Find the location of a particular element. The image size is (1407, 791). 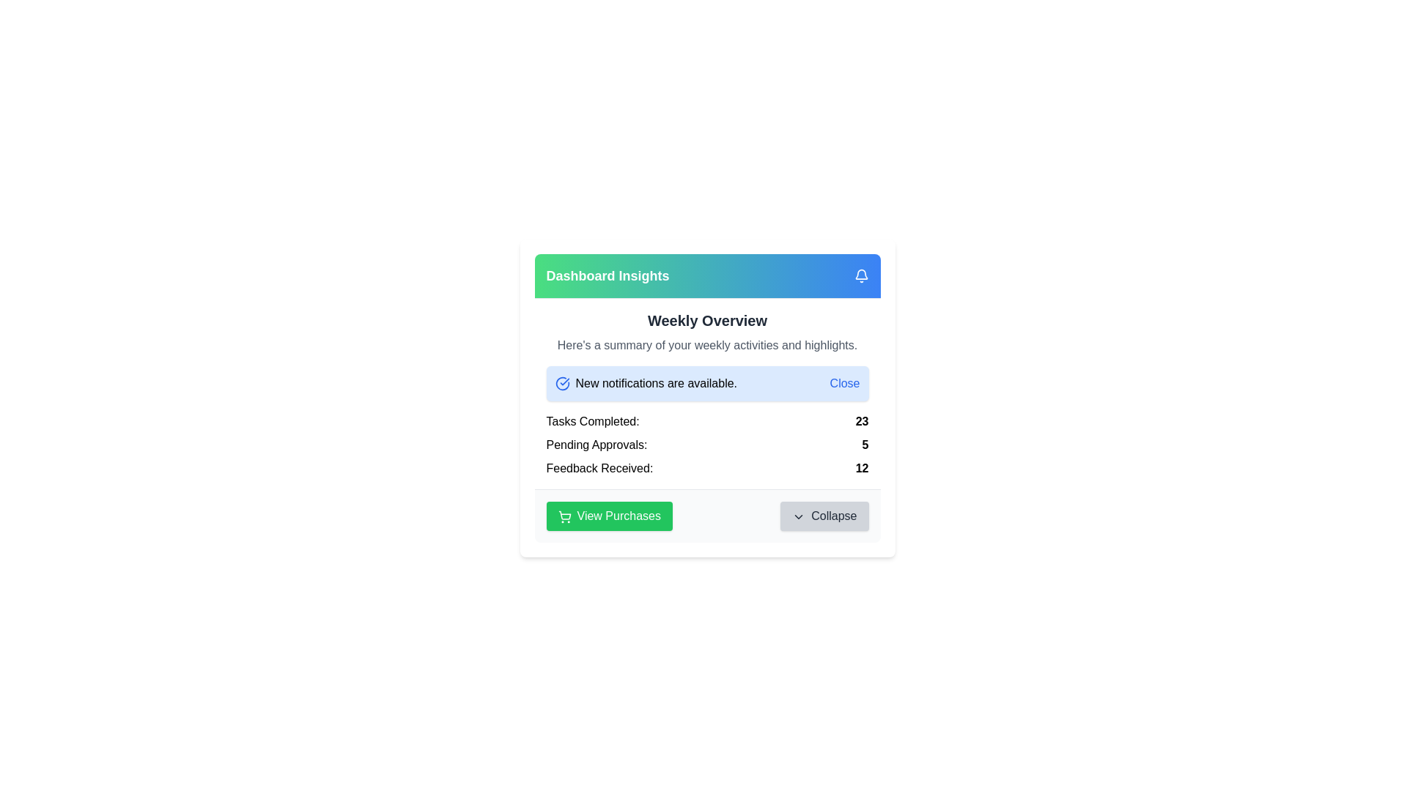

the circular blue check icon located to the left of the text 'New notifications are available' is located at coordinates (561, 383).